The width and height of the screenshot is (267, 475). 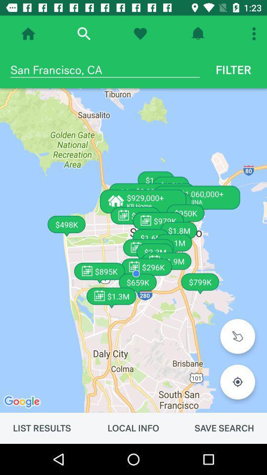 What do you see at coordinates (139, 34) in the screenshot?
I see `show favorites` at bounding box center [139, 34].